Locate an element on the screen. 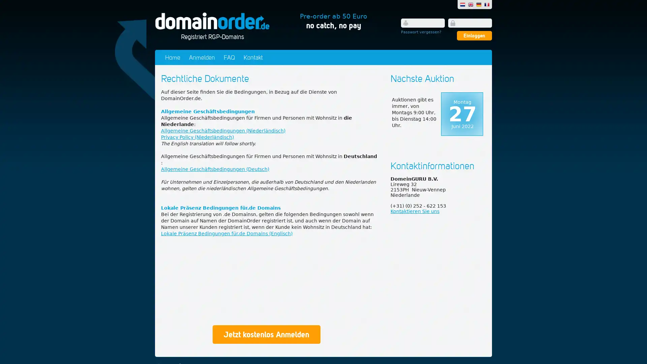  Einloggen is located at coordinates (474, 35).